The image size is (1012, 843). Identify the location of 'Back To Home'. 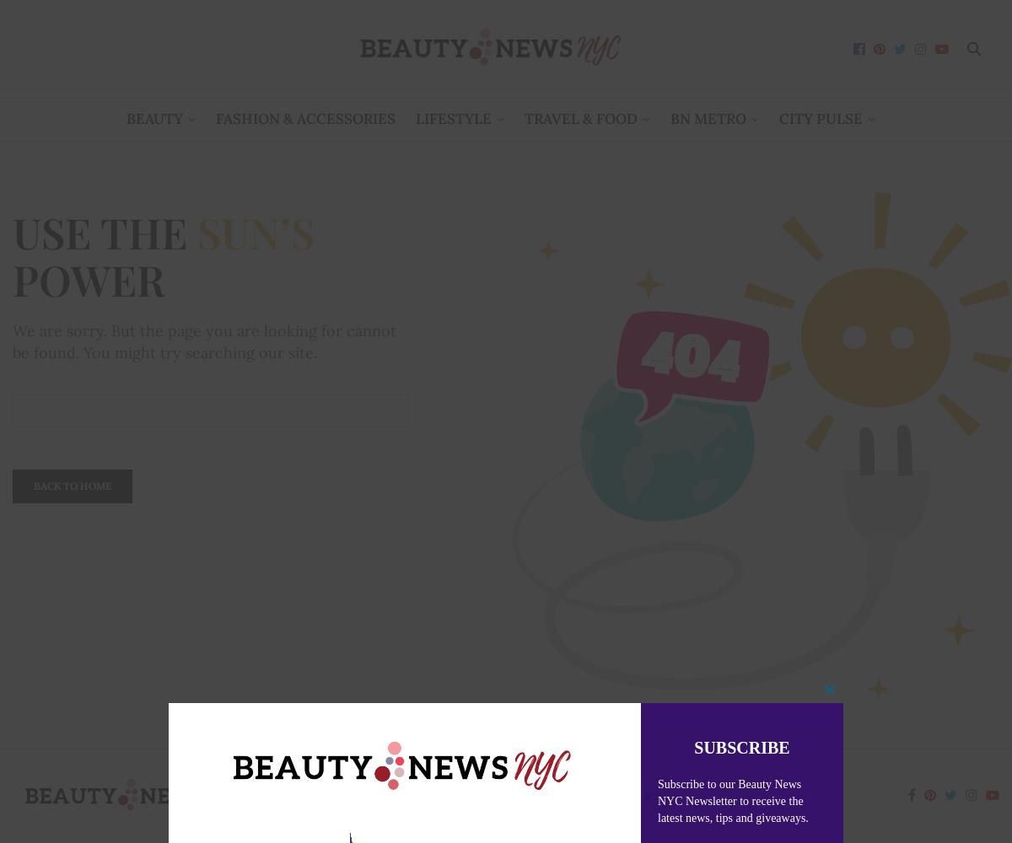
(73, 484).